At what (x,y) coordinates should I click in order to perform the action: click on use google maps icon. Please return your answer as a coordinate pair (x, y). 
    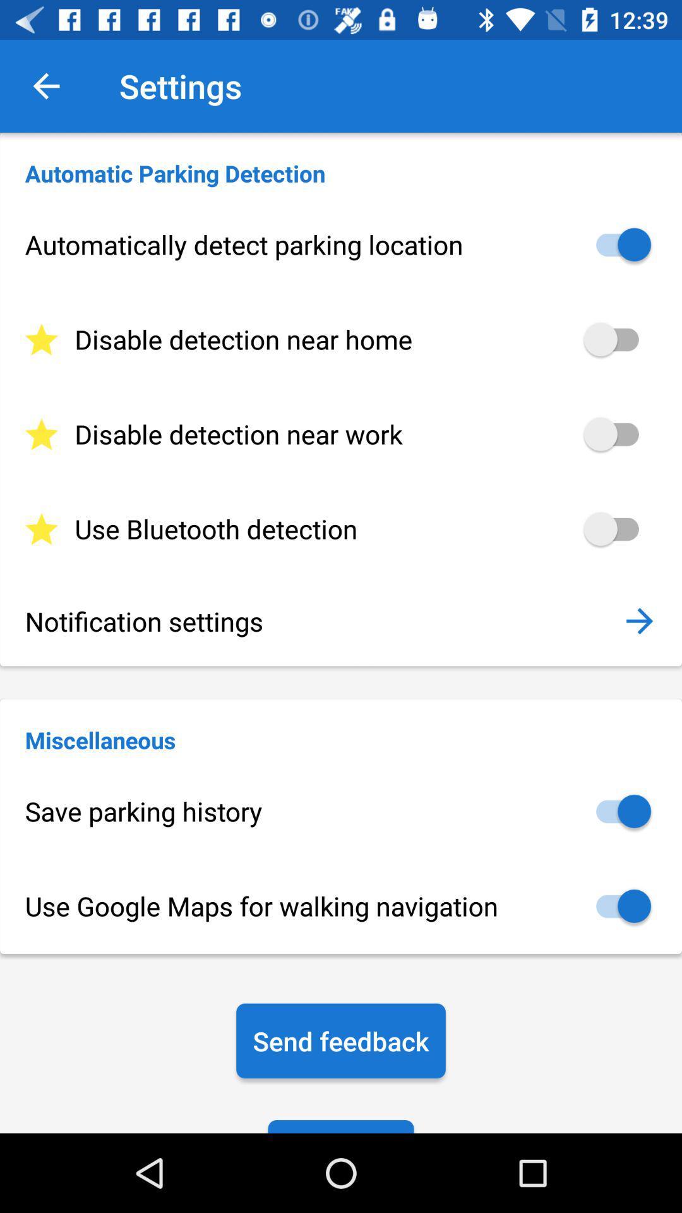
    Looking at the image, I should click on (341, 905).